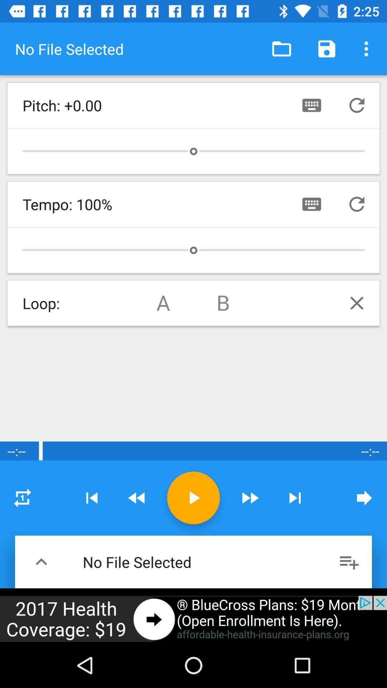 Image resolution: width=387 pixels, height=688 pixels. What do you see at coordinates (137, 497) in the screenshot?
I see `forward` at bounding box center [137, 497].